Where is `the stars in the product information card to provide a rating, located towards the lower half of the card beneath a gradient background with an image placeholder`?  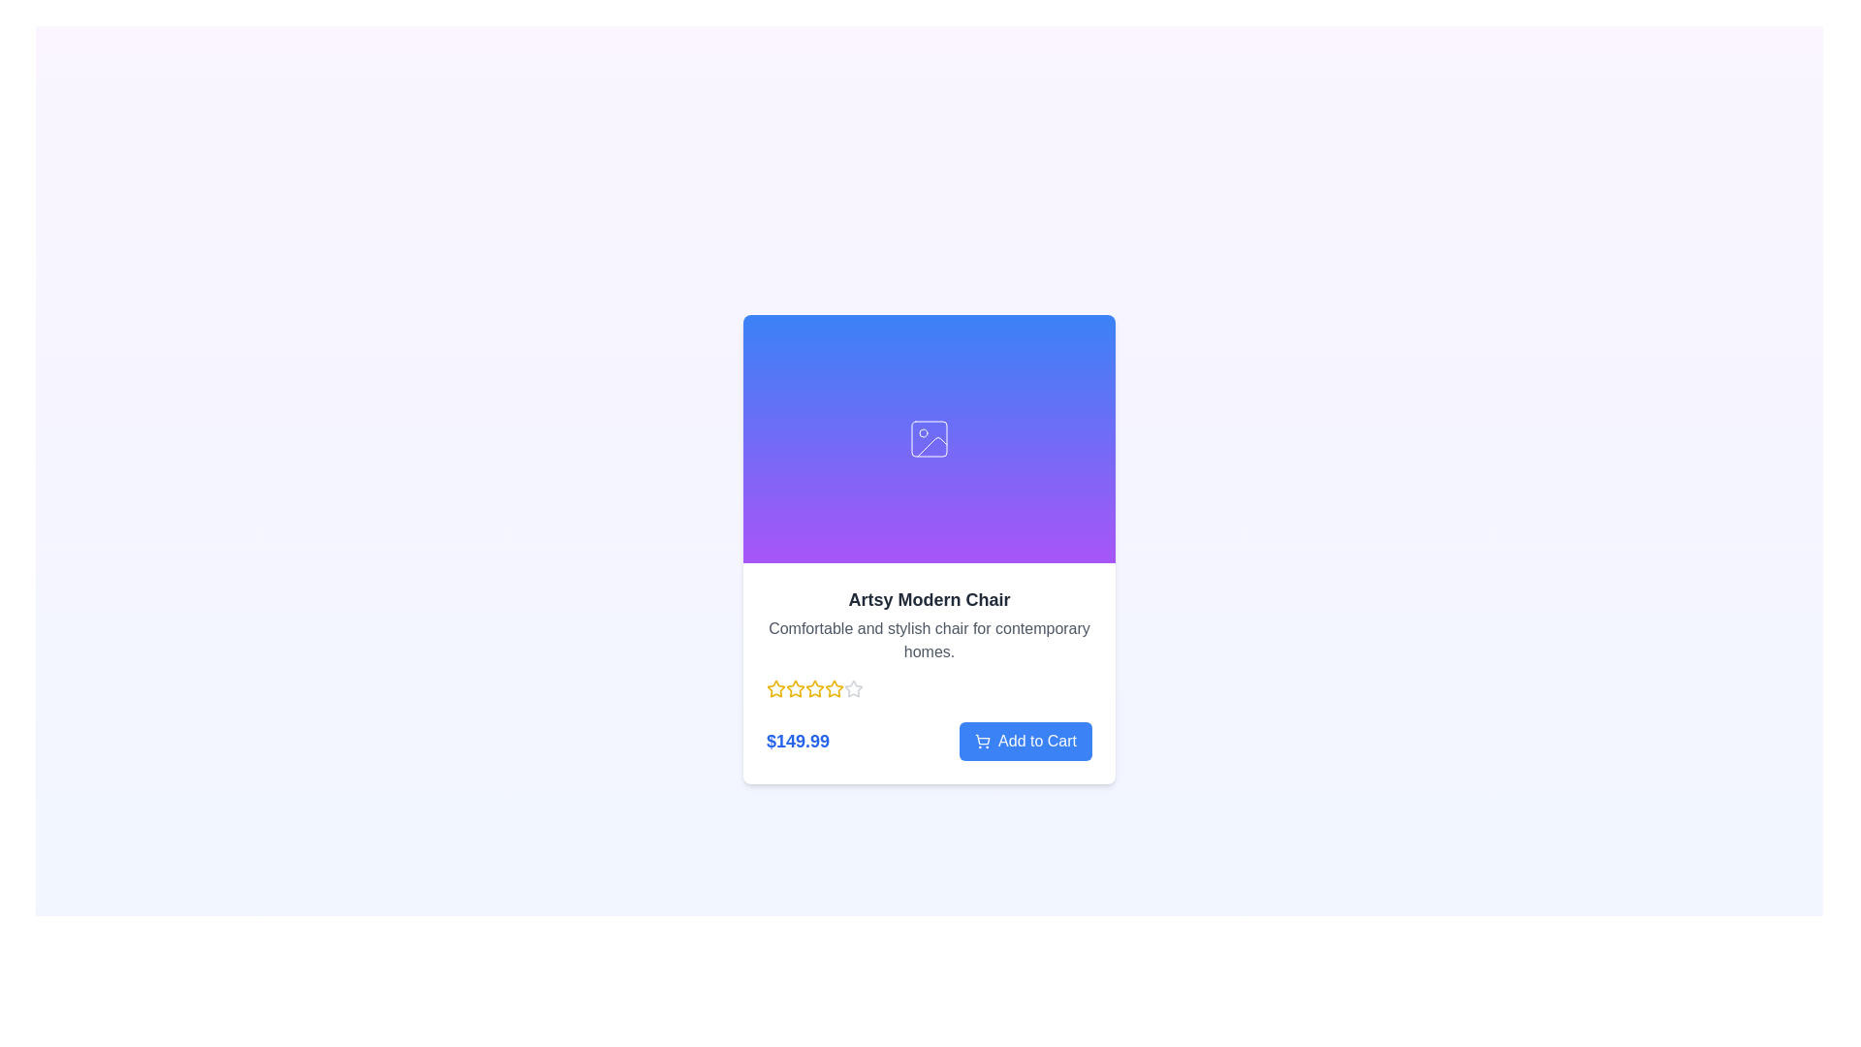
the stars in the product information card to provide a rating, located towards the lower half of the card beneath a gradient background with an image placeholder is located at coordinates (929, 672).